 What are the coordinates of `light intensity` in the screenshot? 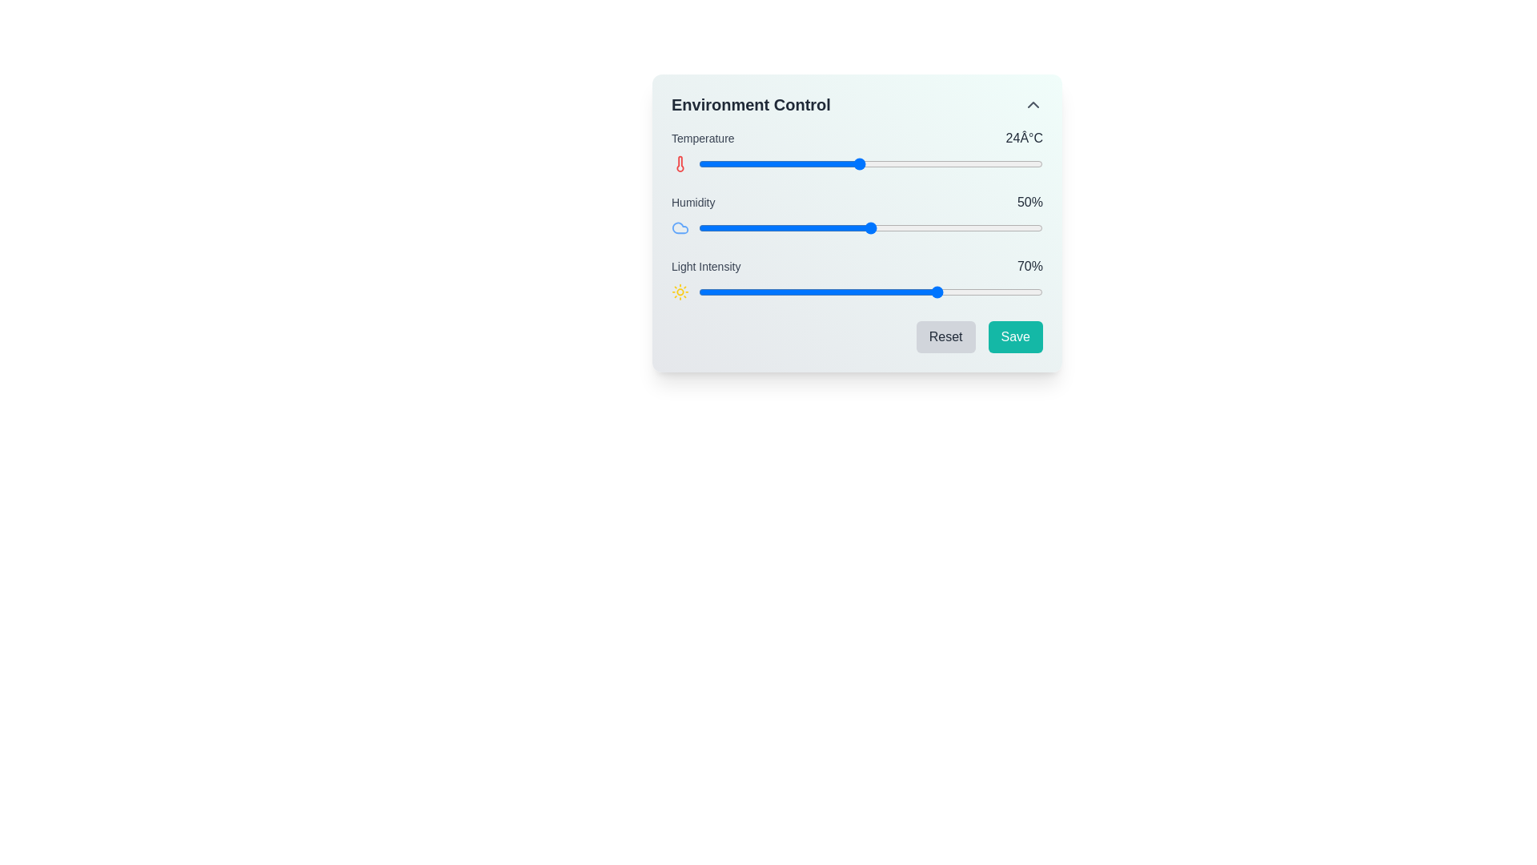 It's located at (894, 292).